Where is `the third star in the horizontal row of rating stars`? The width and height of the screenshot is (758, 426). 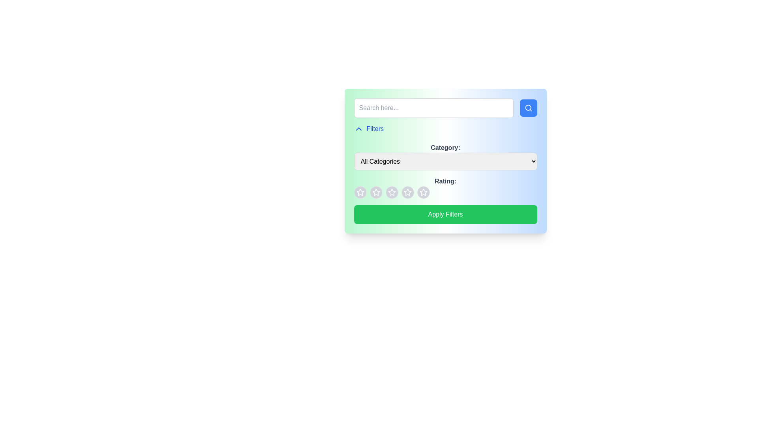 the third star in the horizontal row of rating stars is located at coordinates (407, 192).